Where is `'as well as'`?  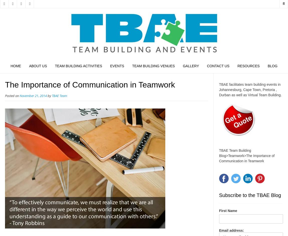 'as well as' is located at coordinates (239, 95).